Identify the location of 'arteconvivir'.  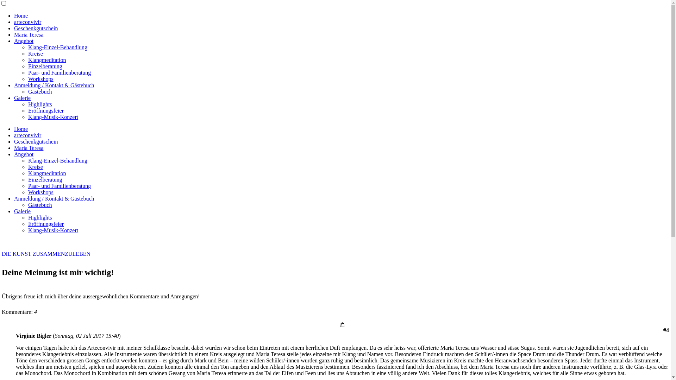
(27, 21).